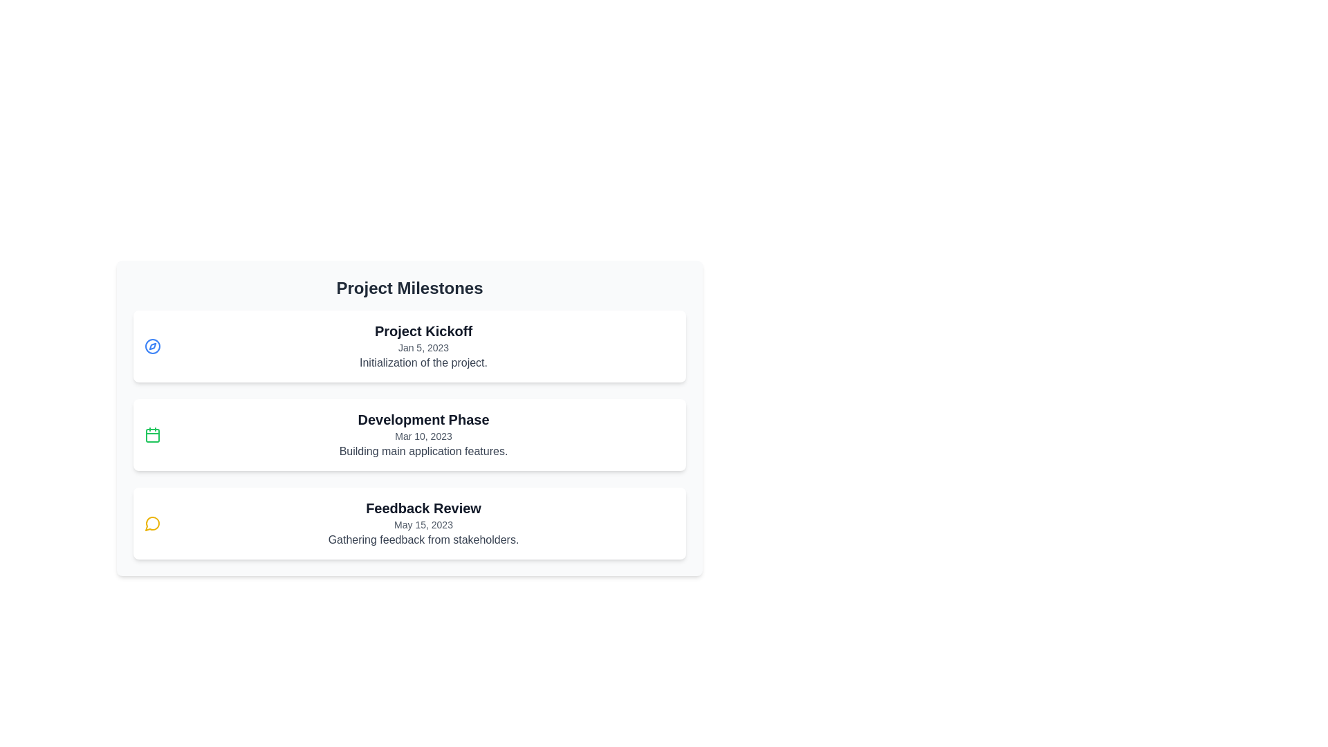  I want to click on the inner blue-stroke circle element of the compass icon located to the left of the 'Project Kickoff' milestone item in the vertical list of project milestones, so click(152, 346).